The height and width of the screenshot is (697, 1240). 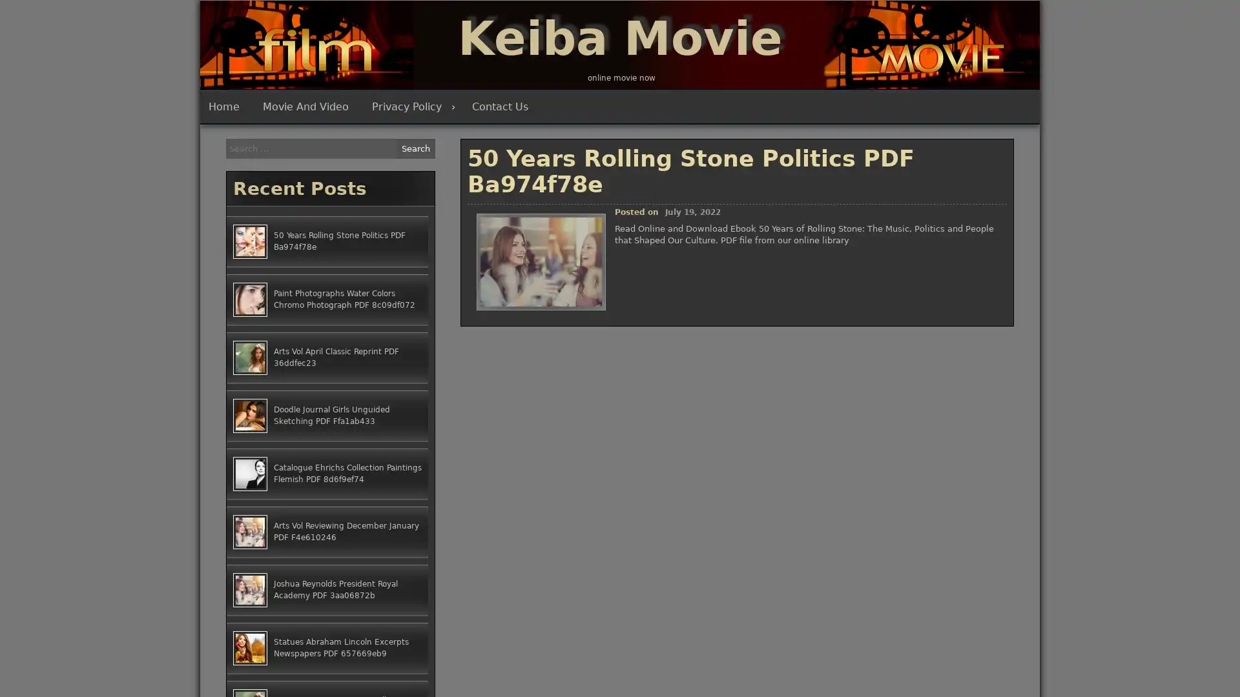 What do you see at coordinates (415, 148) in the screenshot?
I see `Search` at bounding box center [415, 148].